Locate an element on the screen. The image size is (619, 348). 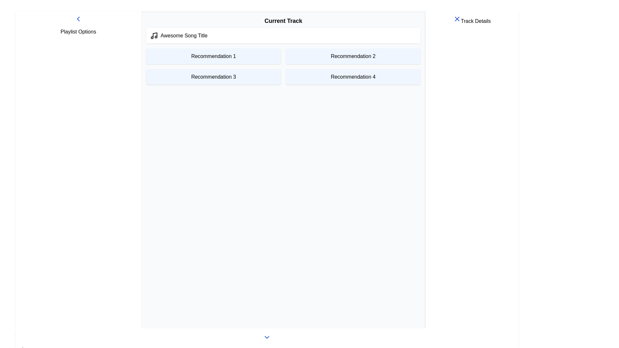
the bold text label displaying 'Playlist Options' at the top of the vertical side panel is located at coordinates (78, 32).